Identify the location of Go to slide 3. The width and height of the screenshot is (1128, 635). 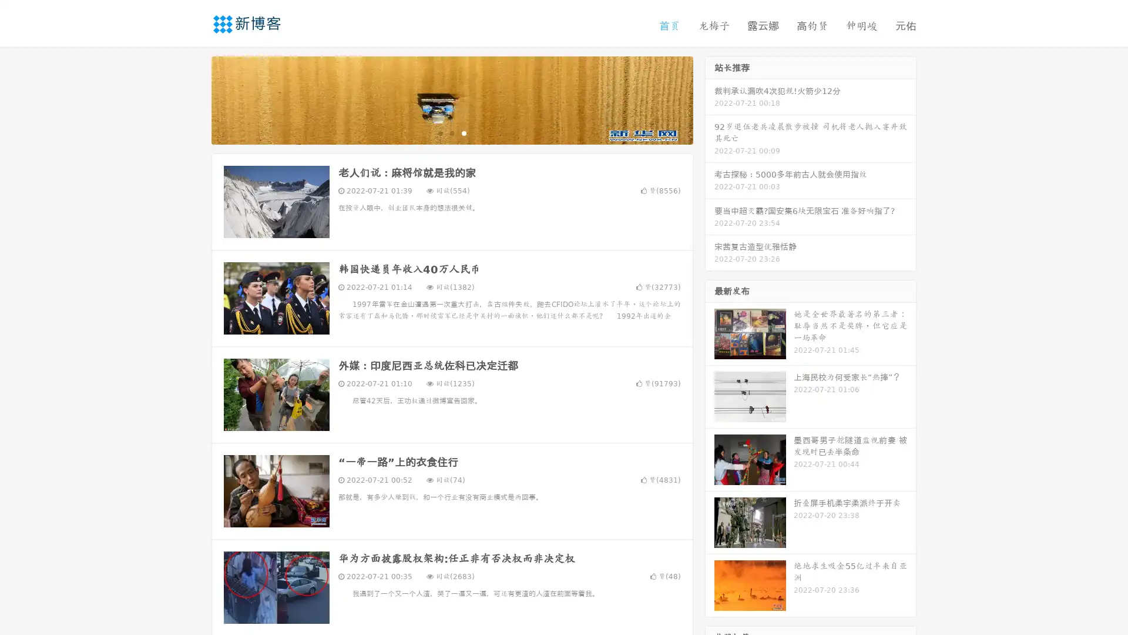
(464, 132).